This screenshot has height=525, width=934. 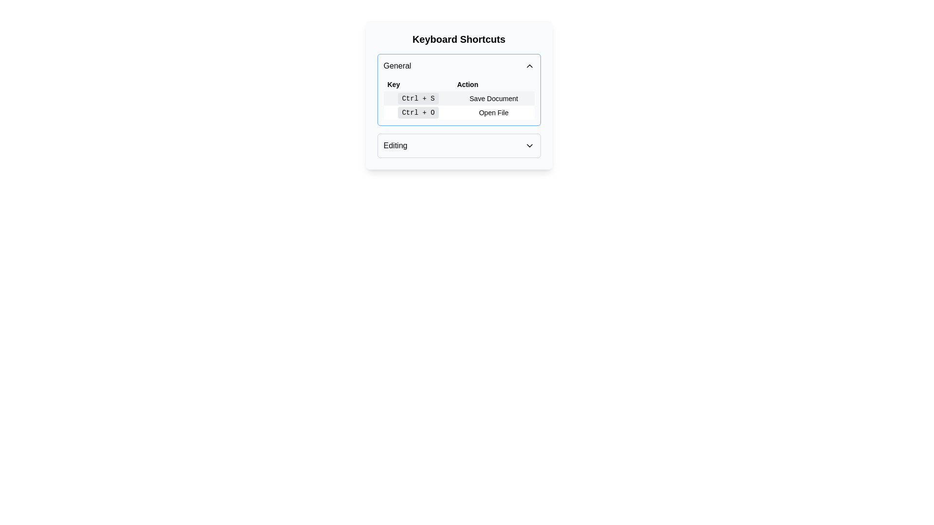 What do you see at coordinates (529, 146) in the screenshot?
I see `the downward-pointing chevron icon representing a dropdown selection, which is aligned to the right side of the 'Editing' text section` at bounding box center [529, 146].